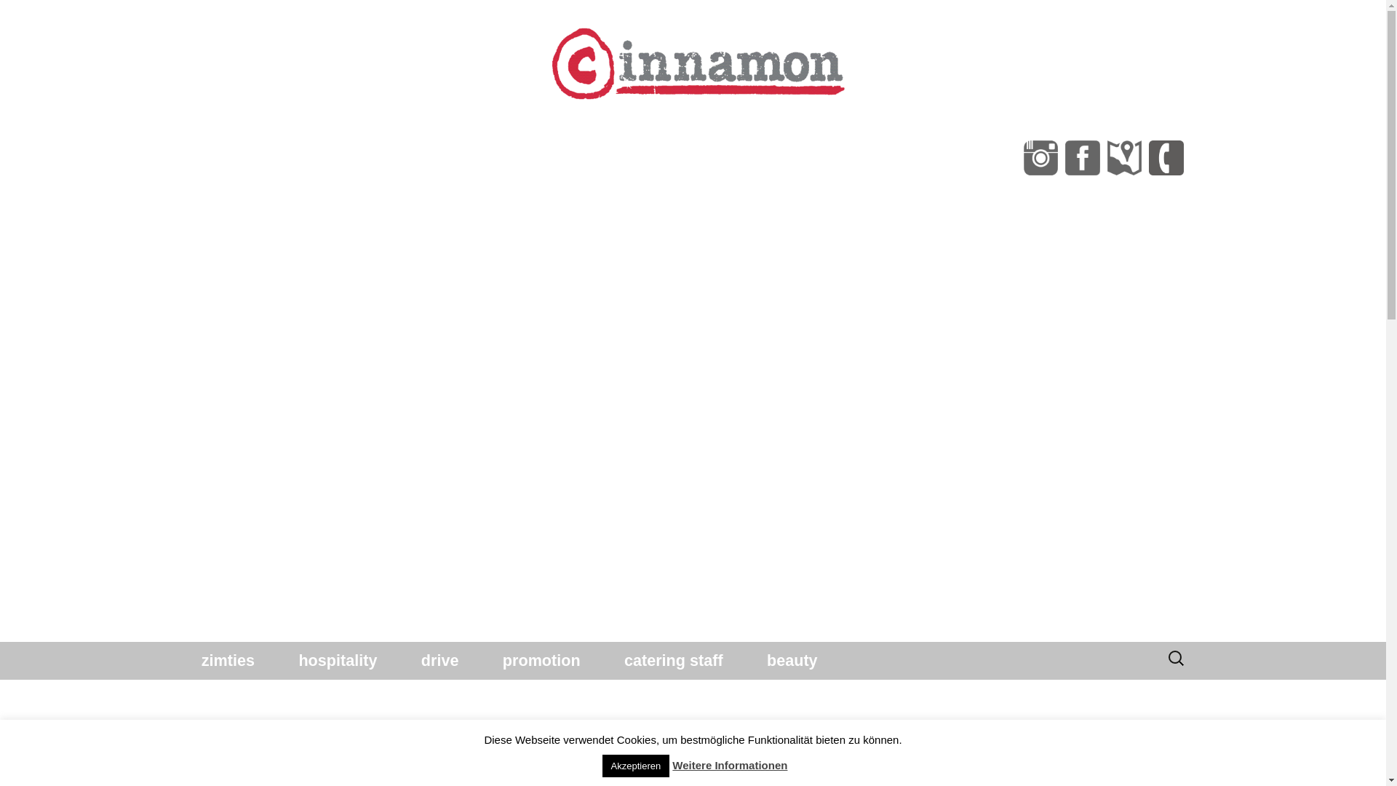  What do you see at coordinates (673, 660) in the screenshot?
I see `'catering staff'` at bounding box center [673, 660].